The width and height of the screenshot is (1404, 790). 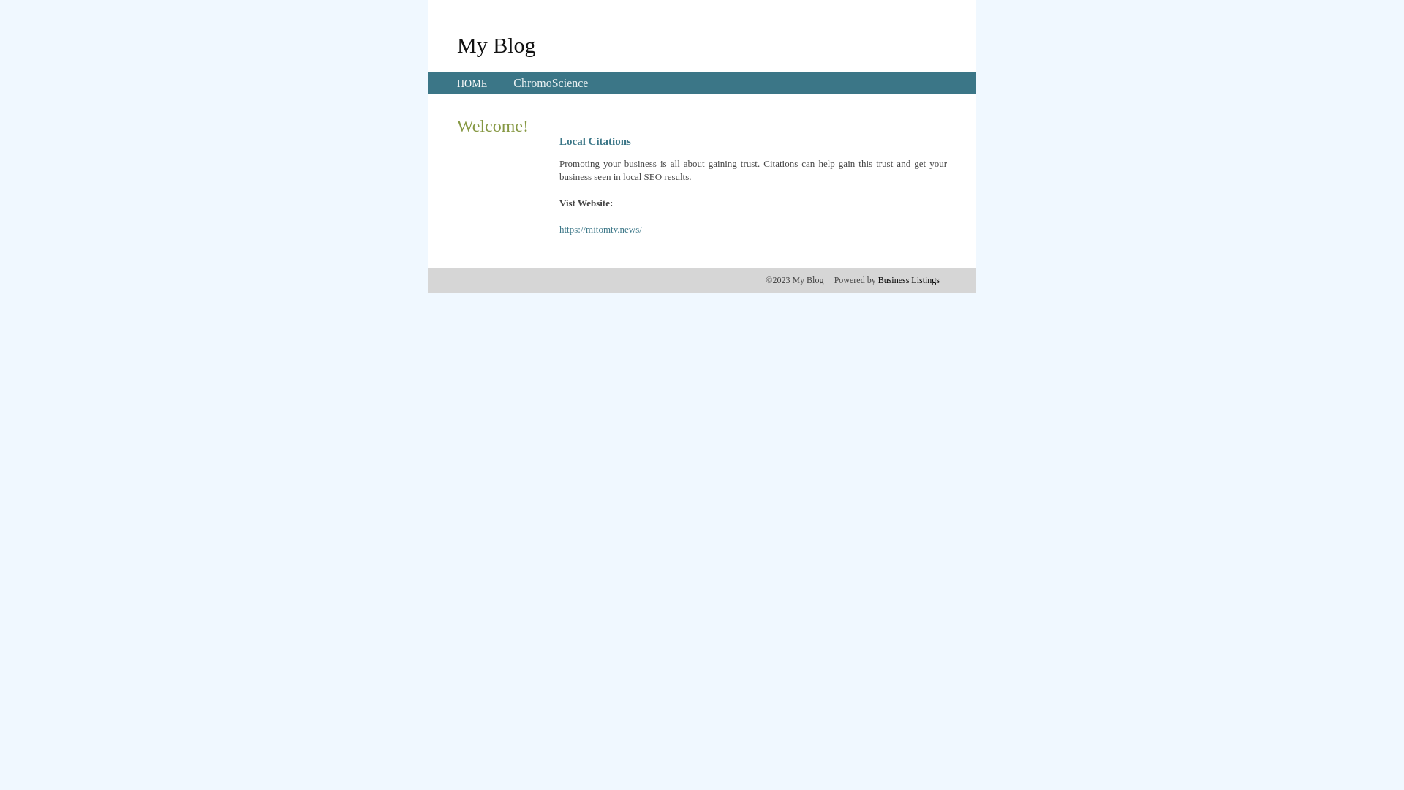 I want to click on 'HOME', so click(x=472, y=83).